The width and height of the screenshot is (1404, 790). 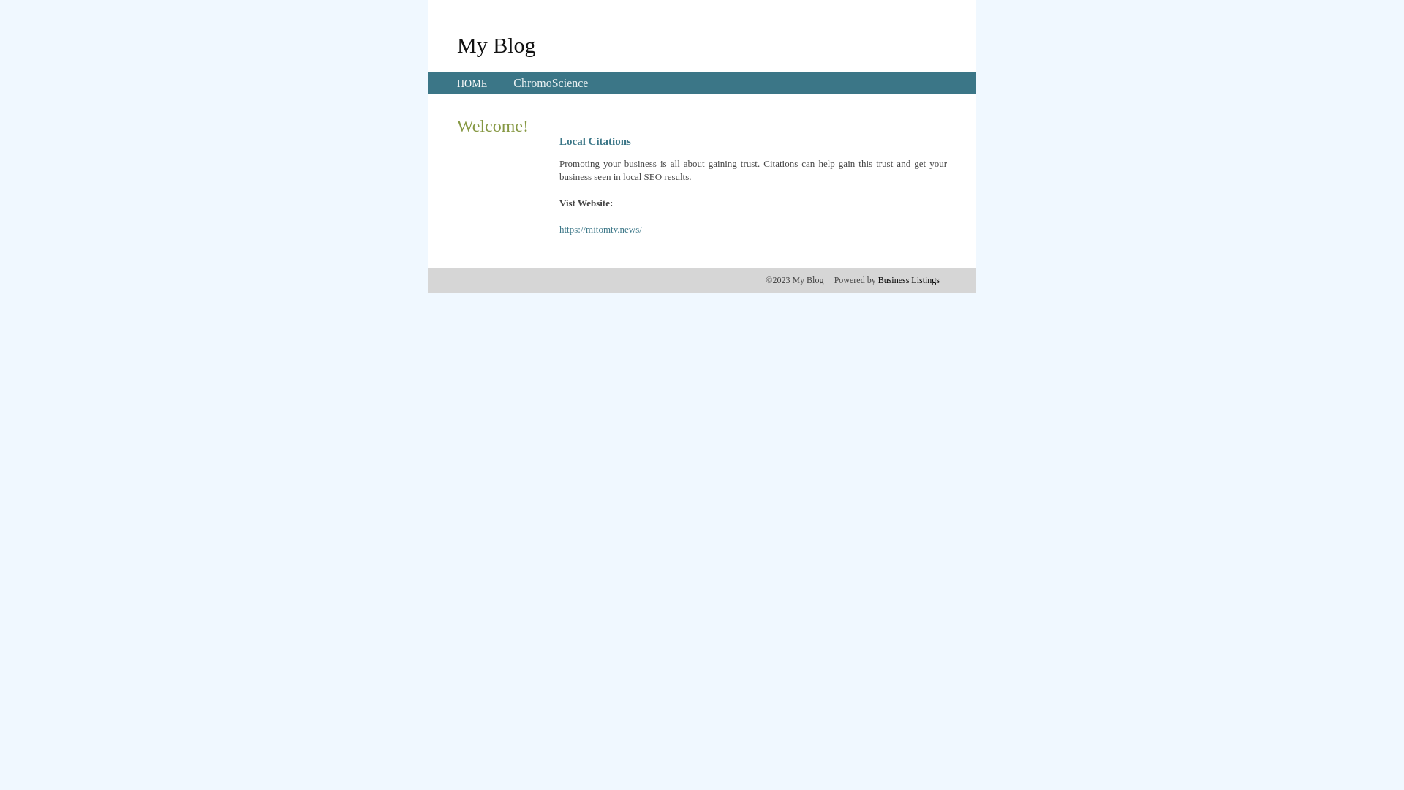 I want to click on 'HOME', so click(x=472, y=83).